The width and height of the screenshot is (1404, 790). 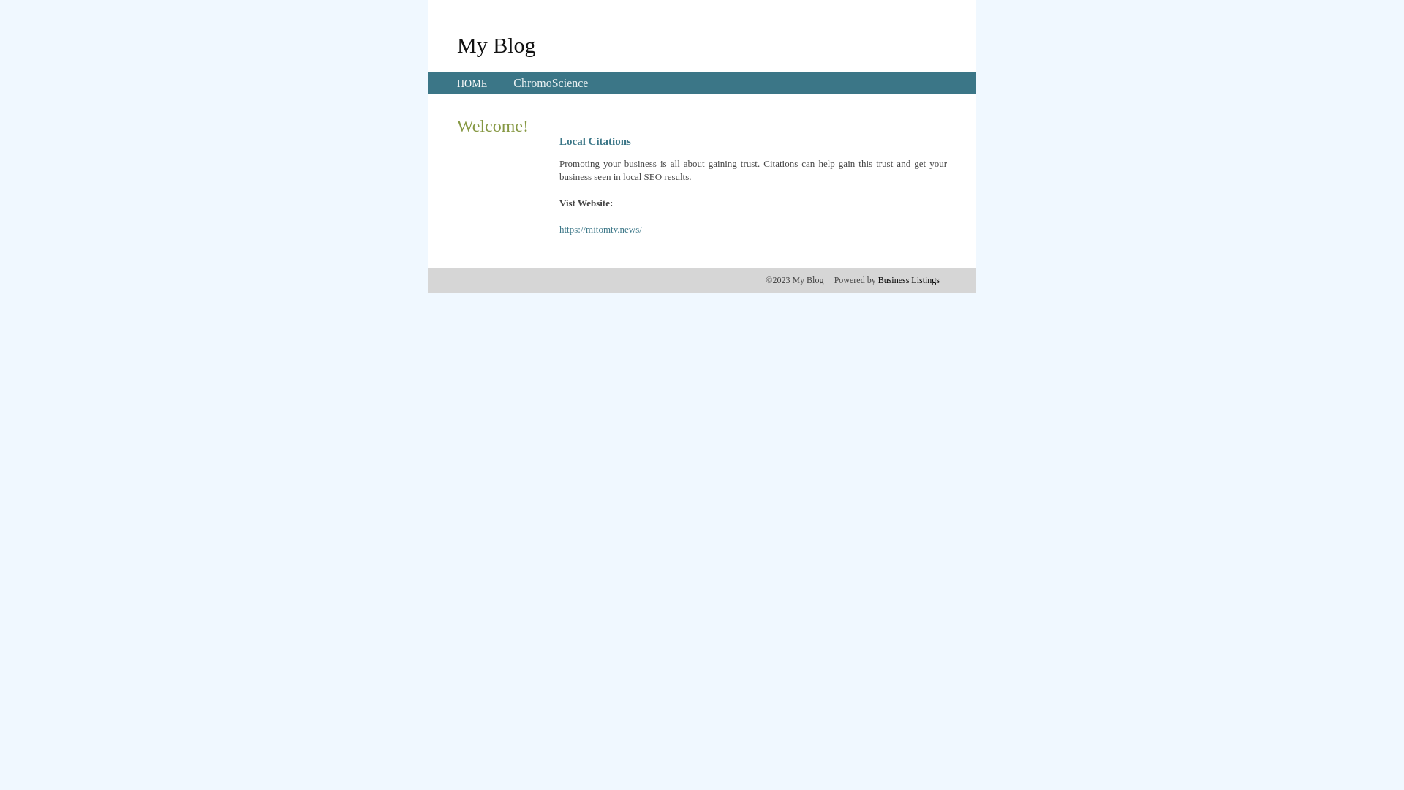 I want to click on 'HOME', so click(x=472, y=83).